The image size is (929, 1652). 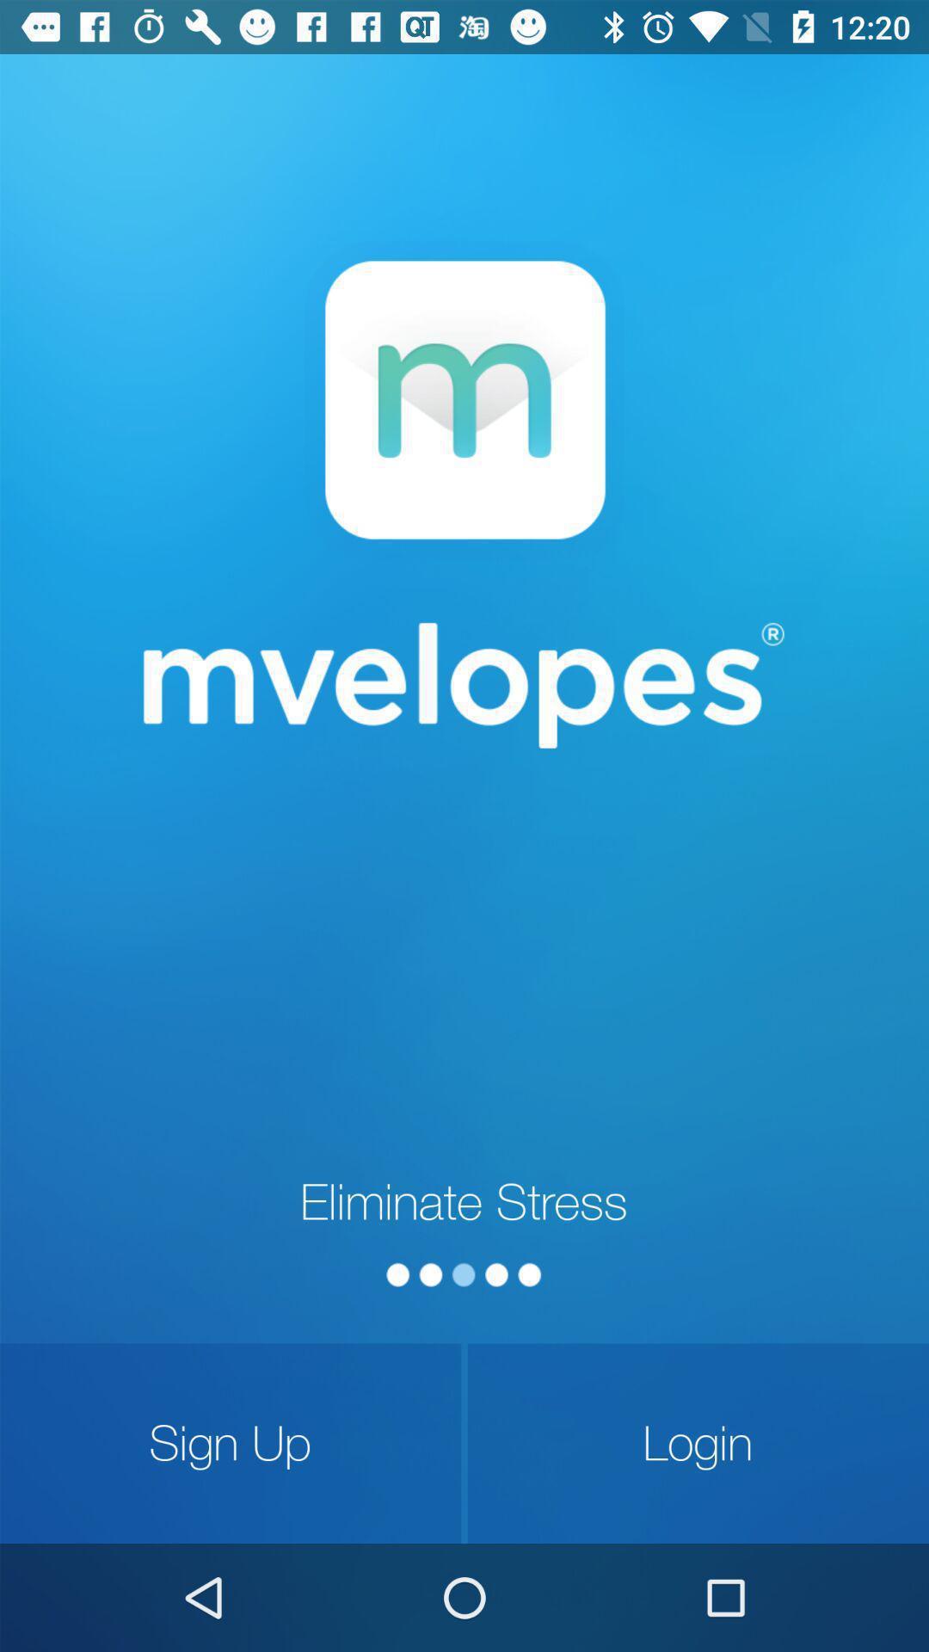 I want to click on login icon, so click(x=698, y=1443).